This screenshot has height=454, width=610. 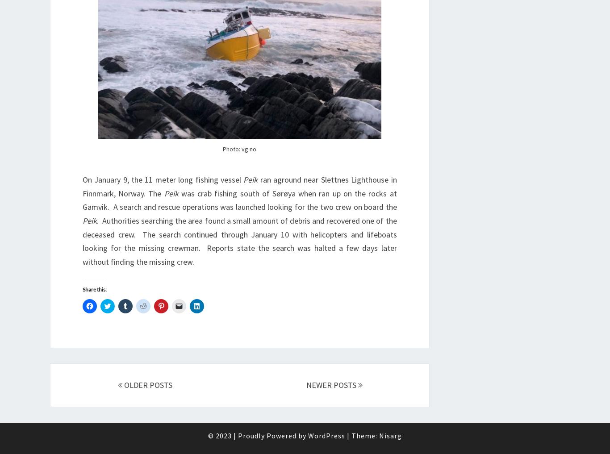 What do you see at coordinates (82, 179) in the screenshot?
I see `'On January 9, the 11 meter long fishing vessel'` at bounding box center [82, 179].